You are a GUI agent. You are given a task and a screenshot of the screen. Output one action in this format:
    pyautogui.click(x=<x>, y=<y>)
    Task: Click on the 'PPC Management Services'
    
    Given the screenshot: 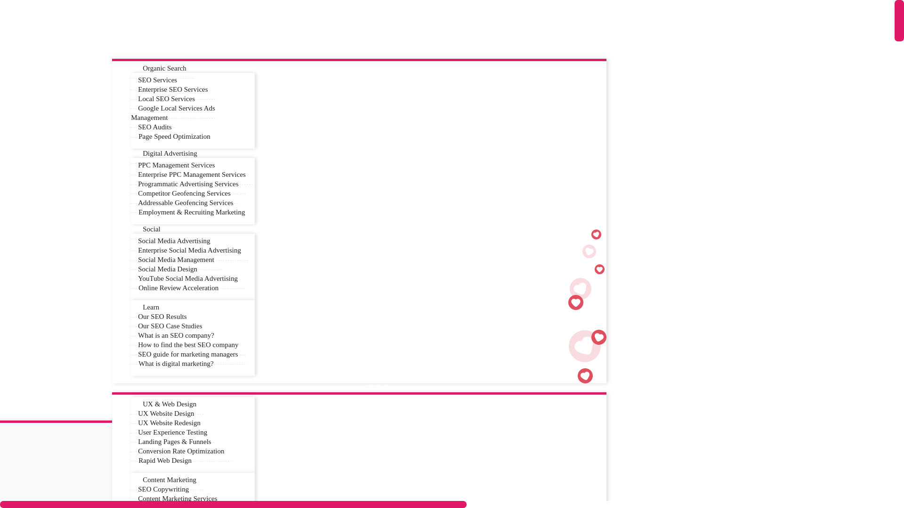 What is the action you would take?
    pyautogui.click(x=176, y=165)
    